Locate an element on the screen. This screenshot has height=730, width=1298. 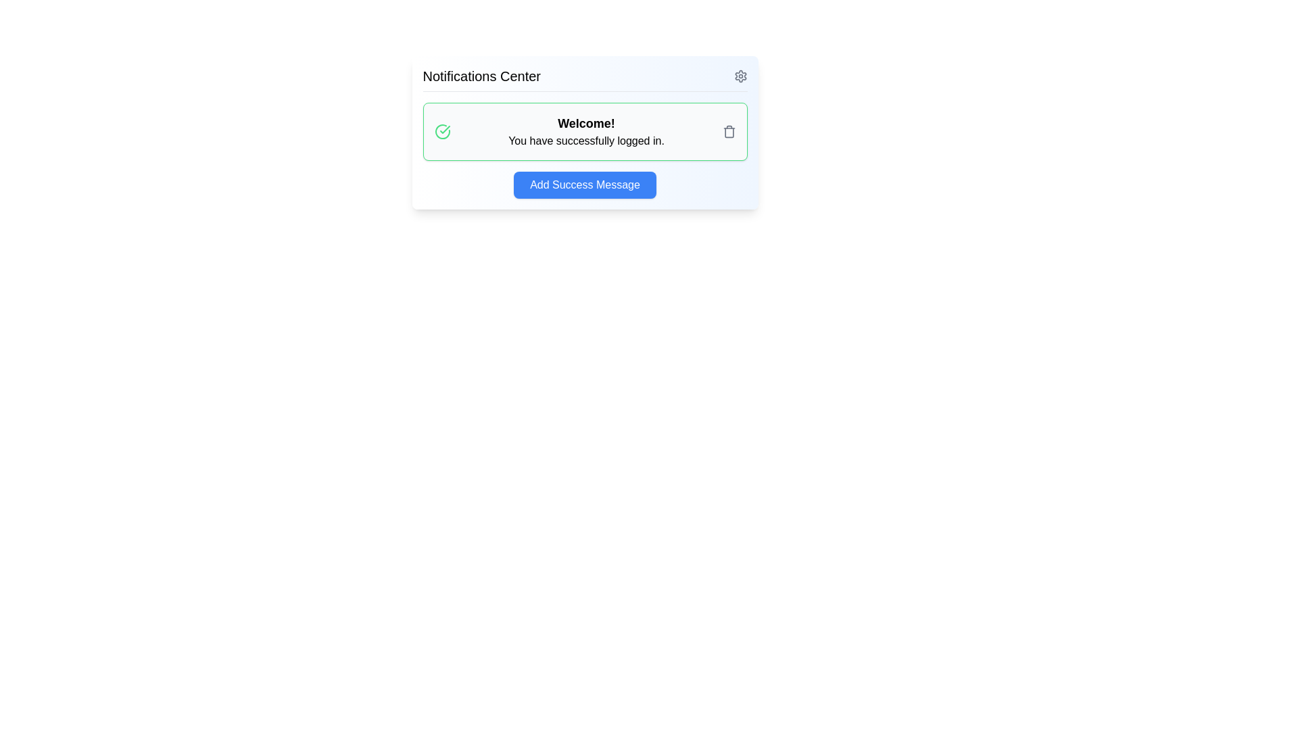
the static text element that notifies the user of a successful login, located below the 'Welcome!' heading within a bordered box with a green outline is located at coordinates (586, 141).